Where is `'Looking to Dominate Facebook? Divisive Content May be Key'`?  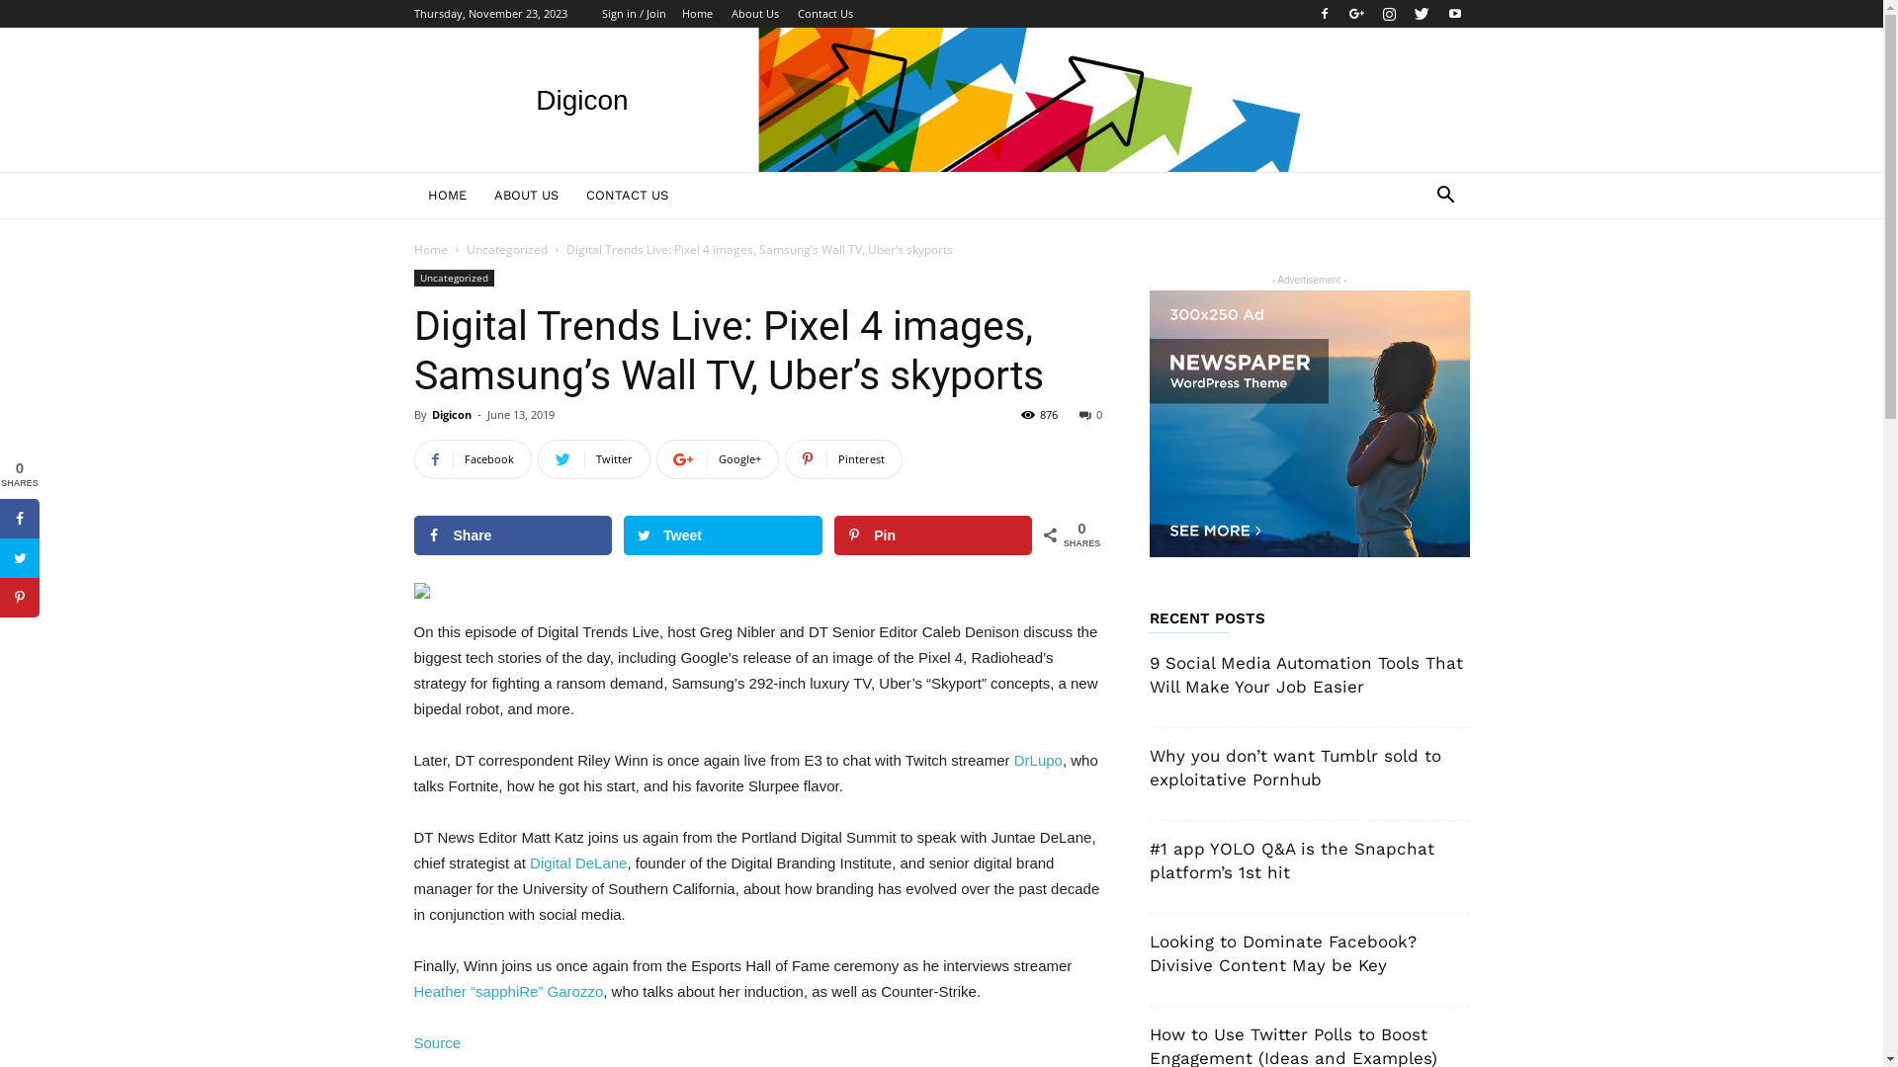 'Looking to Dominate Facebook? Divisive Content May be Key' is located at coordinates (1281, 951).